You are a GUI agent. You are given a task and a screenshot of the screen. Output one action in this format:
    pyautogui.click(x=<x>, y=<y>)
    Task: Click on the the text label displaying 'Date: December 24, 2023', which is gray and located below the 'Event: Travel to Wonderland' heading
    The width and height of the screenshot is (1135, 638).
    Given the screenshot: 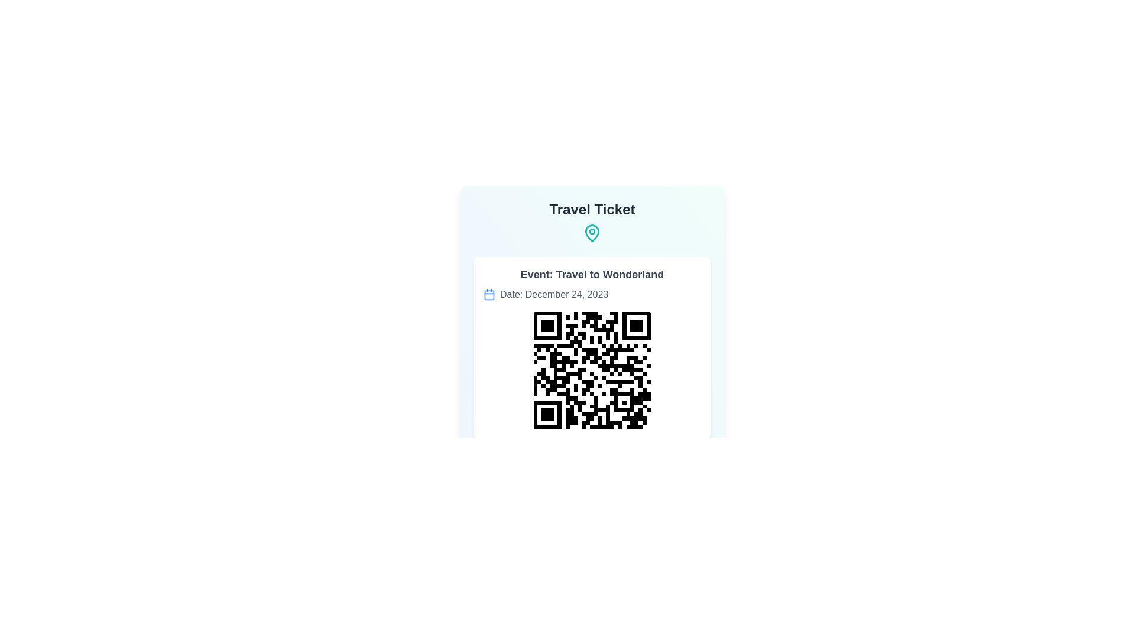 What is the action you would take?
    pyautogui.click(x=553, y=294)
    